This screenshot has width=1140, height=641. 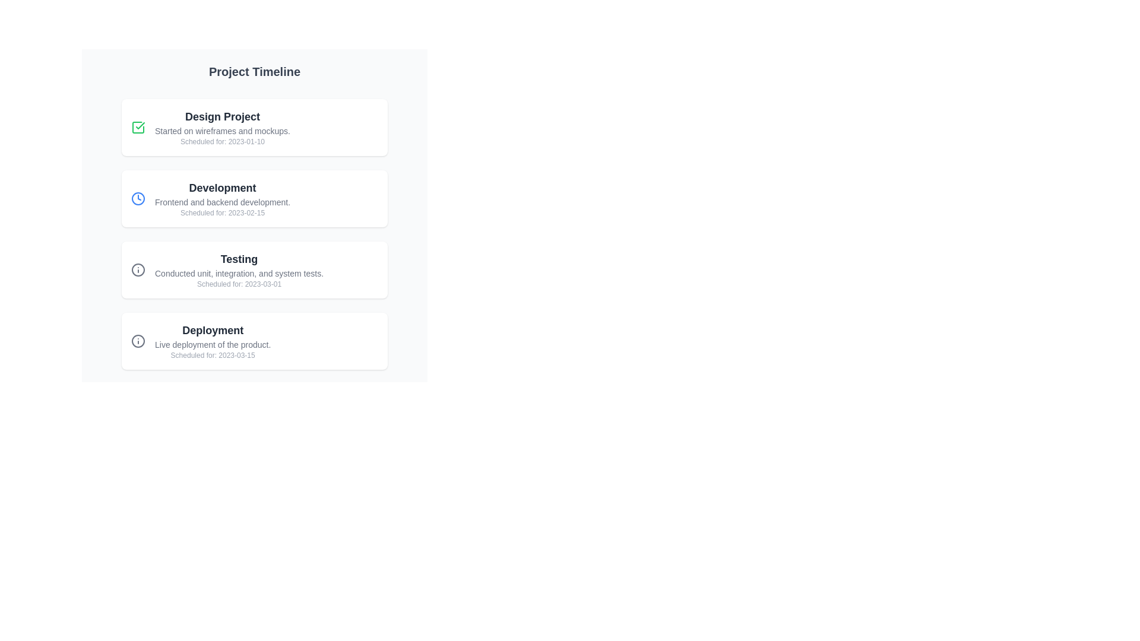 What do you see at coordinates (222, 201) in the screenshot?
I see `the text label that reads 'Frontend and backend development.', which is styled with a smaller font size and gray color, located below the bold title 'Development'` at bounding box center [222, 201].